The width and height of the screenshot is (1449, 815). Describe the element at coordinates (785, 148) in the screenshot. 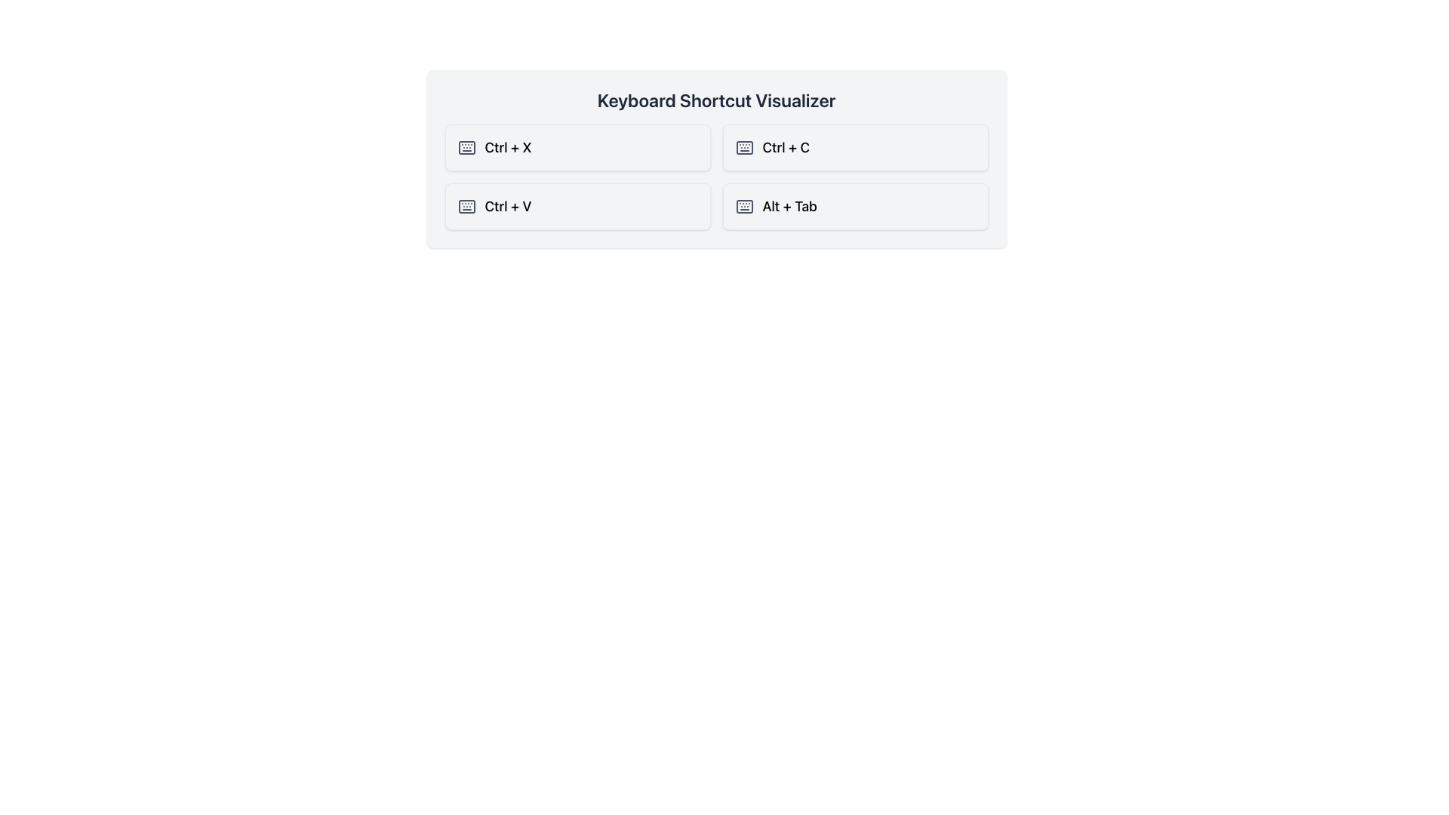

I see `the bold text label displaying 'Ctrl + C', which is the second clickable box in the top-right corner of a four-item grid layout` at that location.